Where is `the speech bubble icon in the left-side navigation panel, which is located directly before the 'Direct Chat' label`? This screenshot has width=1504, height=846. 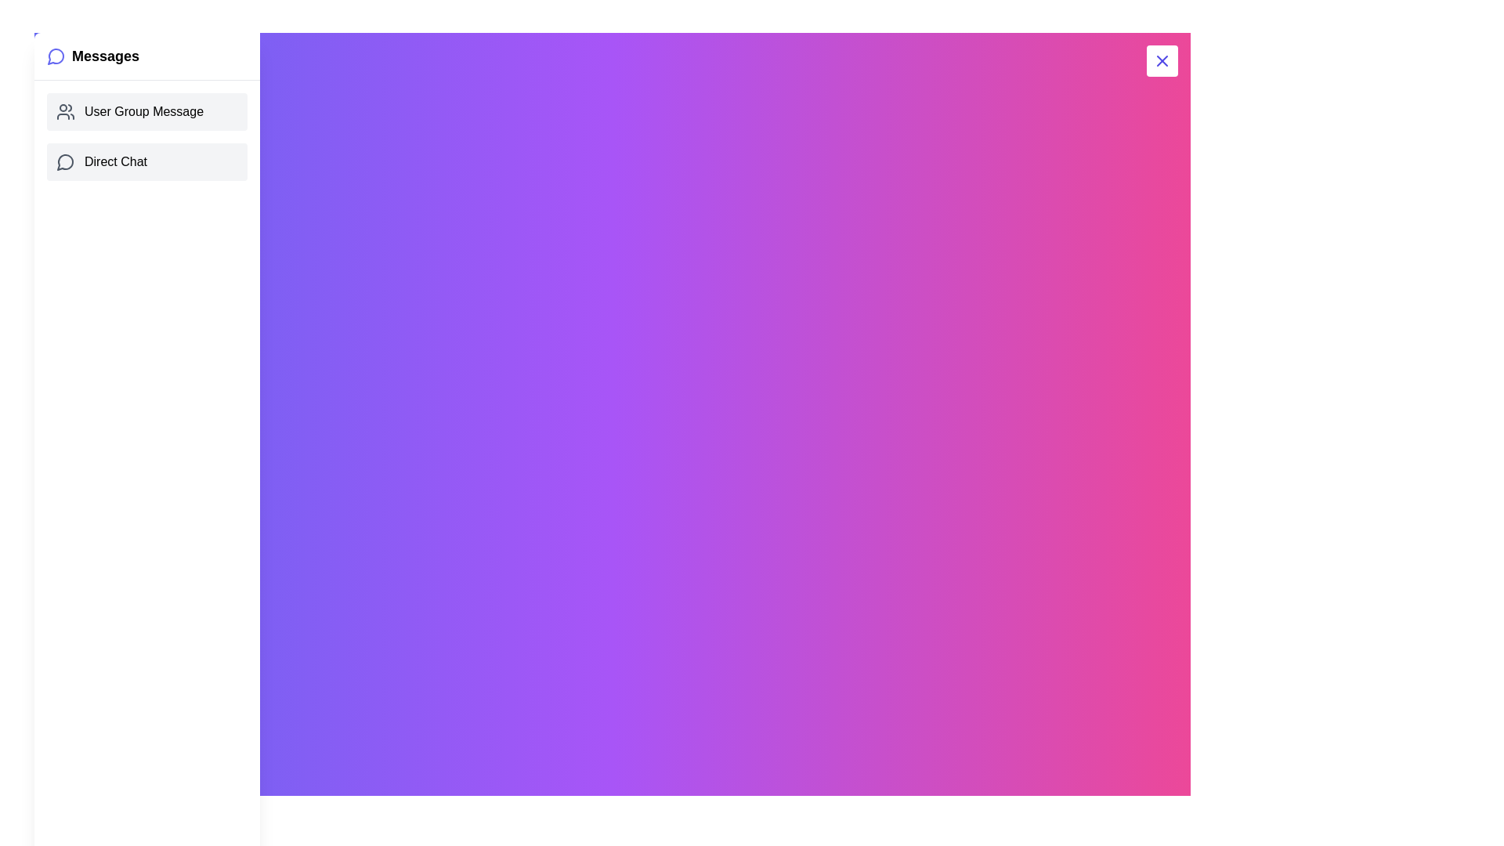
the speech bubble icon in the left-side navigation panel, which is located directly before the 'Direct Chat' label is located at coordinates (64, 162).